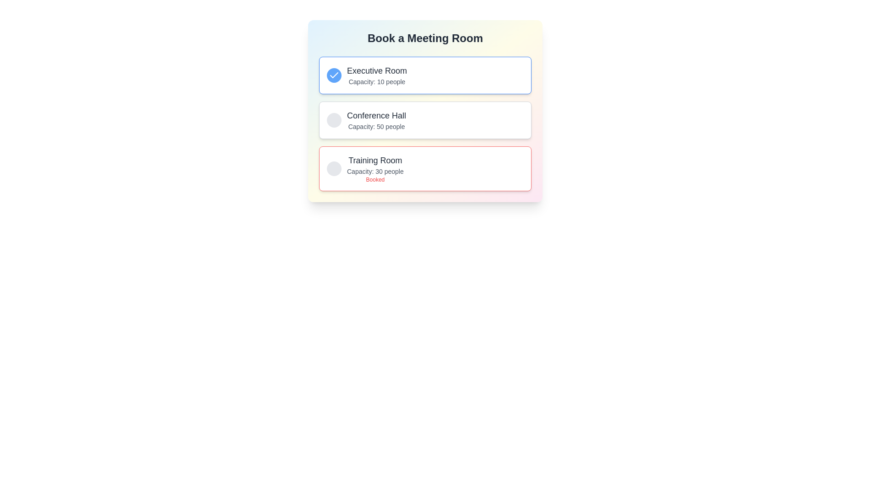 Image resolution: width=879 pixels, height=494 pixels. What do you see at coordinates (425, 169) in the screenshot?
I see `the 'Training Room' informational card, which is the last item` at bounding box center [425, 169].